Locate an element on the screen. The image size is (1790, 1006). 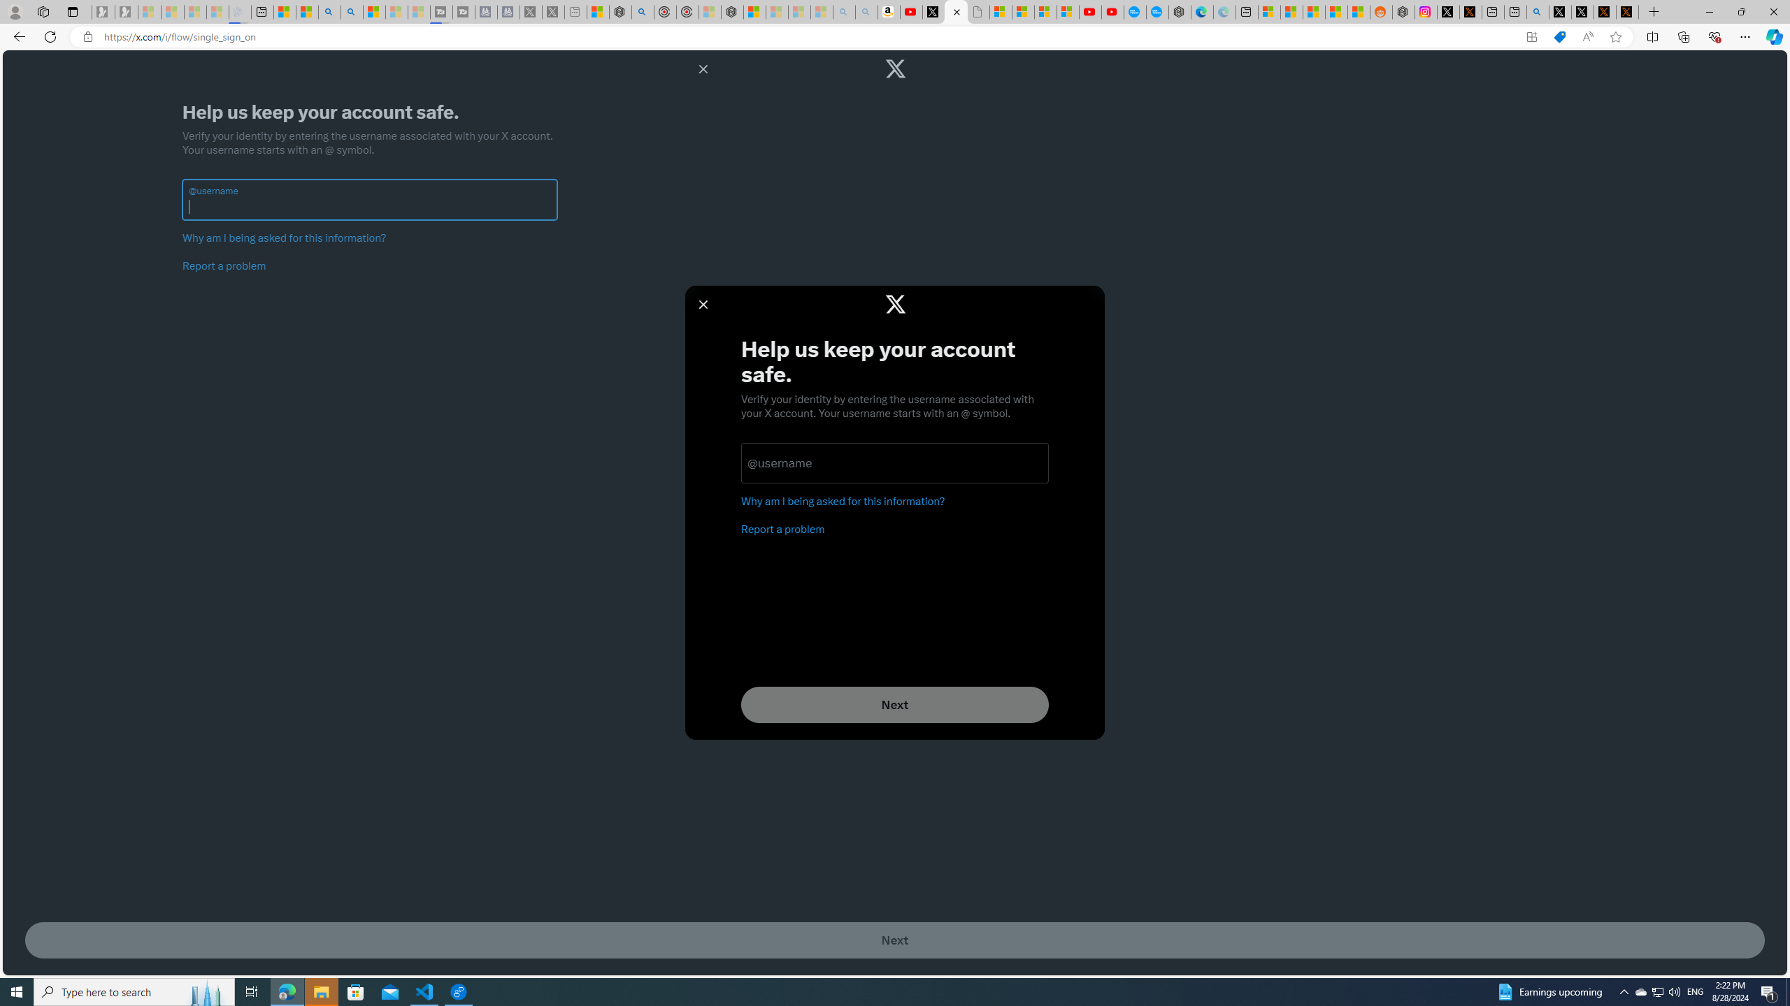
'Shopping in Microsoft Edge' is located at coordinates (1559, 37).